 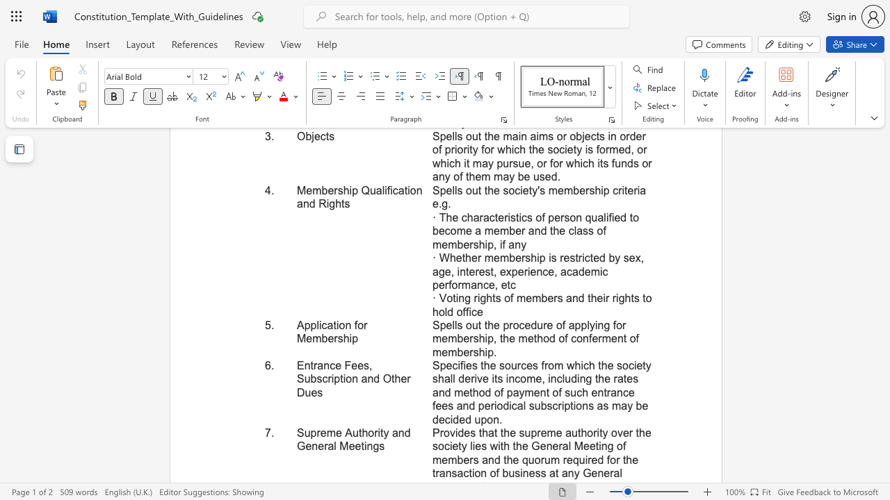 What do you see at coordinates (521, 446) in the screenshot?
I see `the subset text "e General Meeting of mem" within the text "Provides that the supreme authority over the society lies with the General Meeting of members and the quorum"` at bounding box center [521, 446].